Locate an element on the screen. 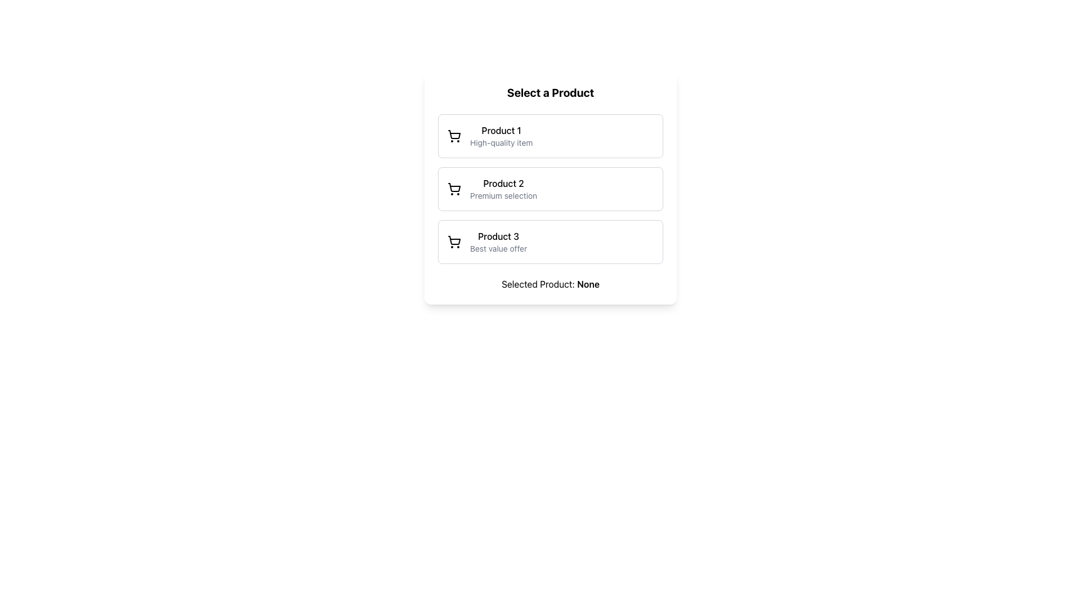 This screenshot has width=1081, height=608. the text label located beneath the title 'Product 2' in the second section of the card layout, which emphasizes the premium quality of the associated product is located at coordinates (503, 195).